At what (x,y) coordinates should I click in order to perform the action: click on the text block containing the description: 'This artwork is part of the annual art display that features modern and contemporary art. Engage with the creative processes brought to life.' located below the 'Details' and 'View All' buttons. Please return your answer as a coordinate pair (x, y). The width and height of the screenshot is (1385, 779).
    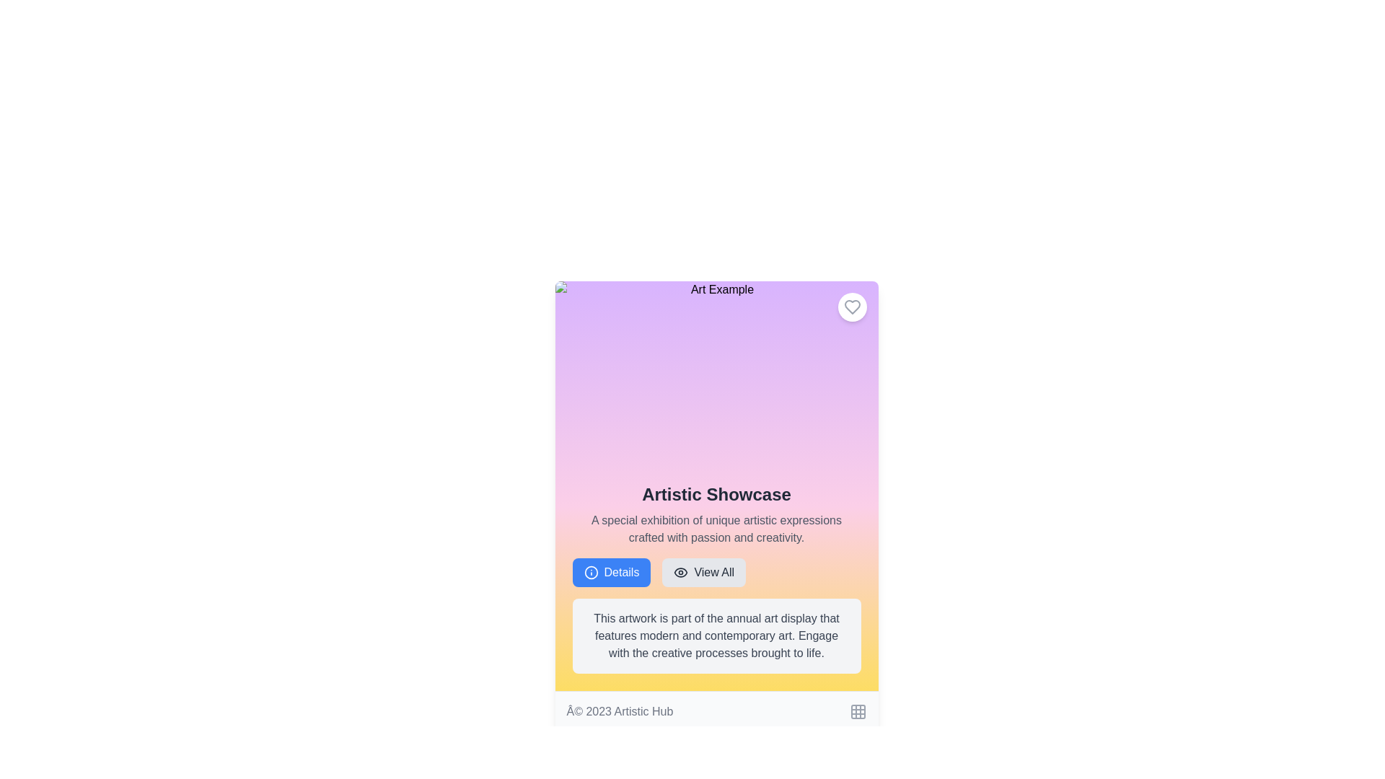
    Looking at the image, I should click on (716, 635).